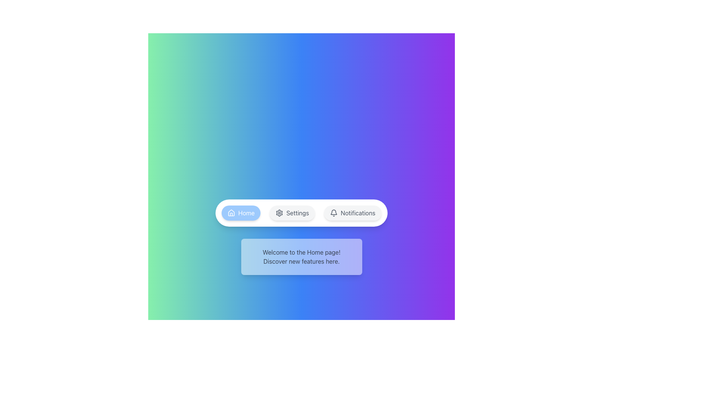  Describe the element at coordinates (297, 213) in the screenshot. I see `the 'Settings' text label, which is styled with a capitalized font and positioned to the right of a gear icon in the middle navigation bar` at that location.